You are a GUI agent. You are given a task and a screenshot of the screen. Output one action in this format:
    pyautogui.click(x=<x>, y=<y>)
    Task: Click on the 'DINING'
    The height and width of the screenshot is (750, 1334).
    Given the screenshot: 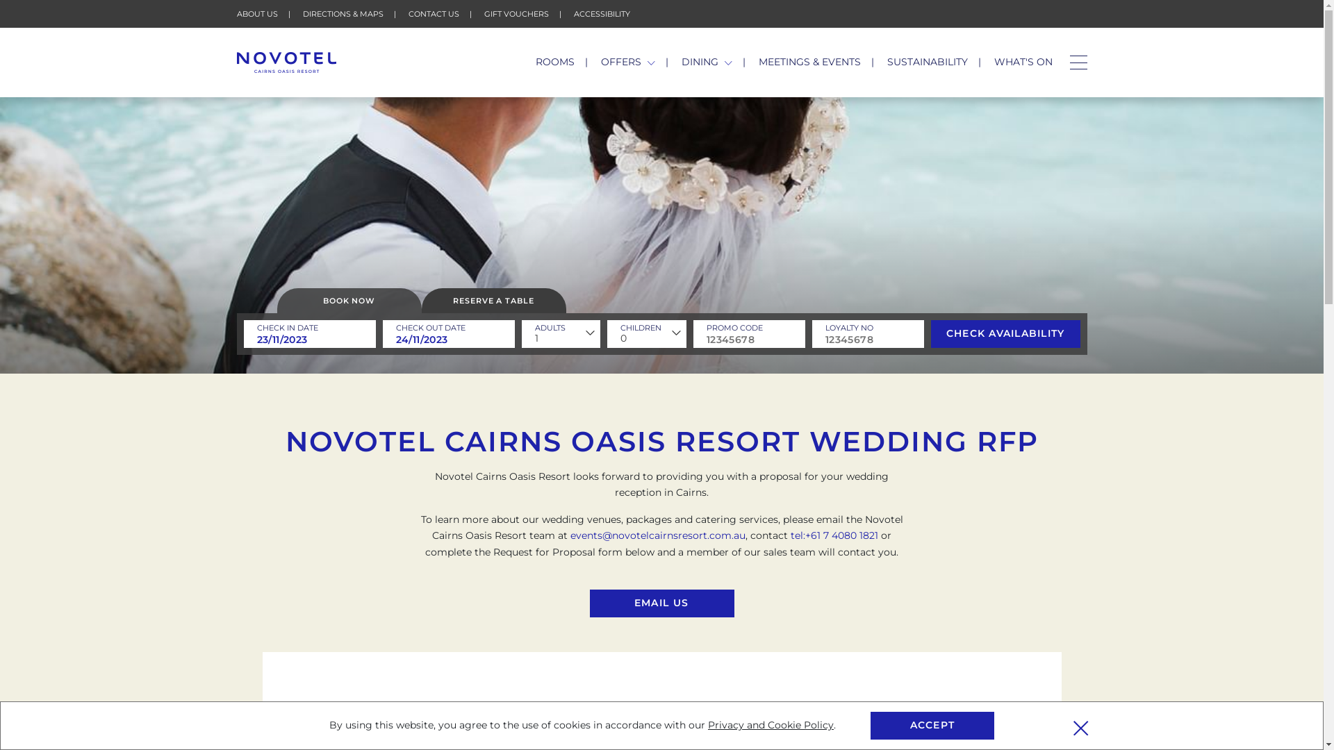 What is the action you would take?
    pyautogui.click(x=707, y=61)
    